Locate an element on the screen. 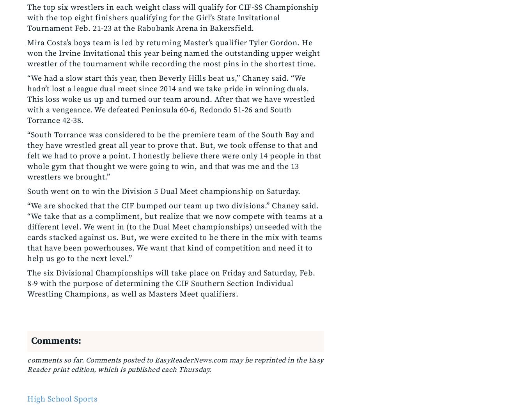  'The six Divisional Championships will take place on Friday and Saturday, Feb. 8-9 with the purpose of determining the CIF Southern Section Individual Wrestling Champions, as well as Masters Meet qualifiers.' is located at coordinates (171, 283).